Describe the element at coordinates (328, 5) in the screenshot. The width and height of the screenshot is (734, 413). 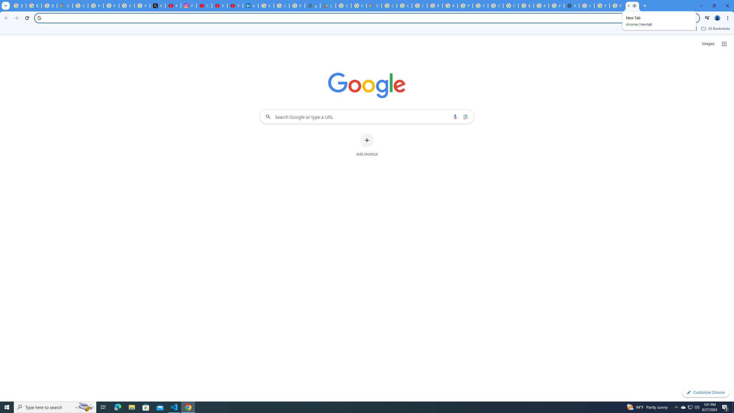
I see `'Last Shelter: Survival - Apps on Google Play'` at that location.